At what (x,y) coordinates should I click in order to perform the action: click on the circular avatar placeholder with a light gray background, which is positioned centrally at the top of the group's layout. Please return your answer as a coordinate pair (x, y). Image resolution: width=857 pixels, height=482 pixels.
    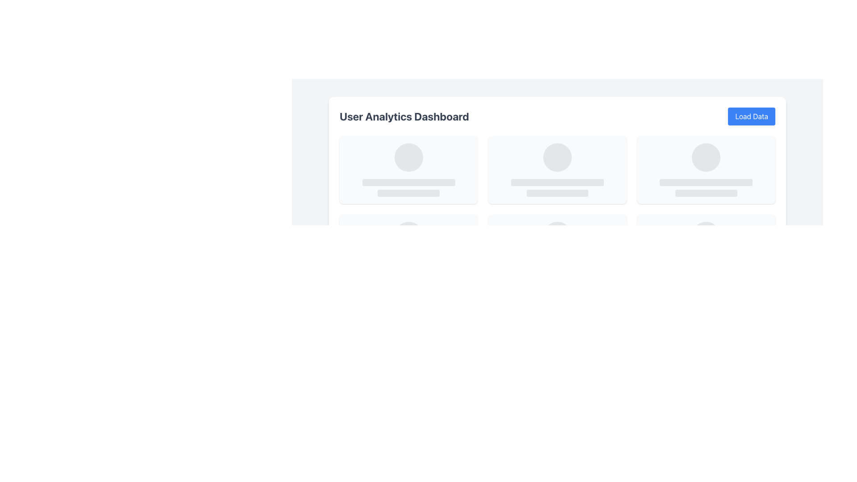
    Looking at the image, I should click on (557, 235).